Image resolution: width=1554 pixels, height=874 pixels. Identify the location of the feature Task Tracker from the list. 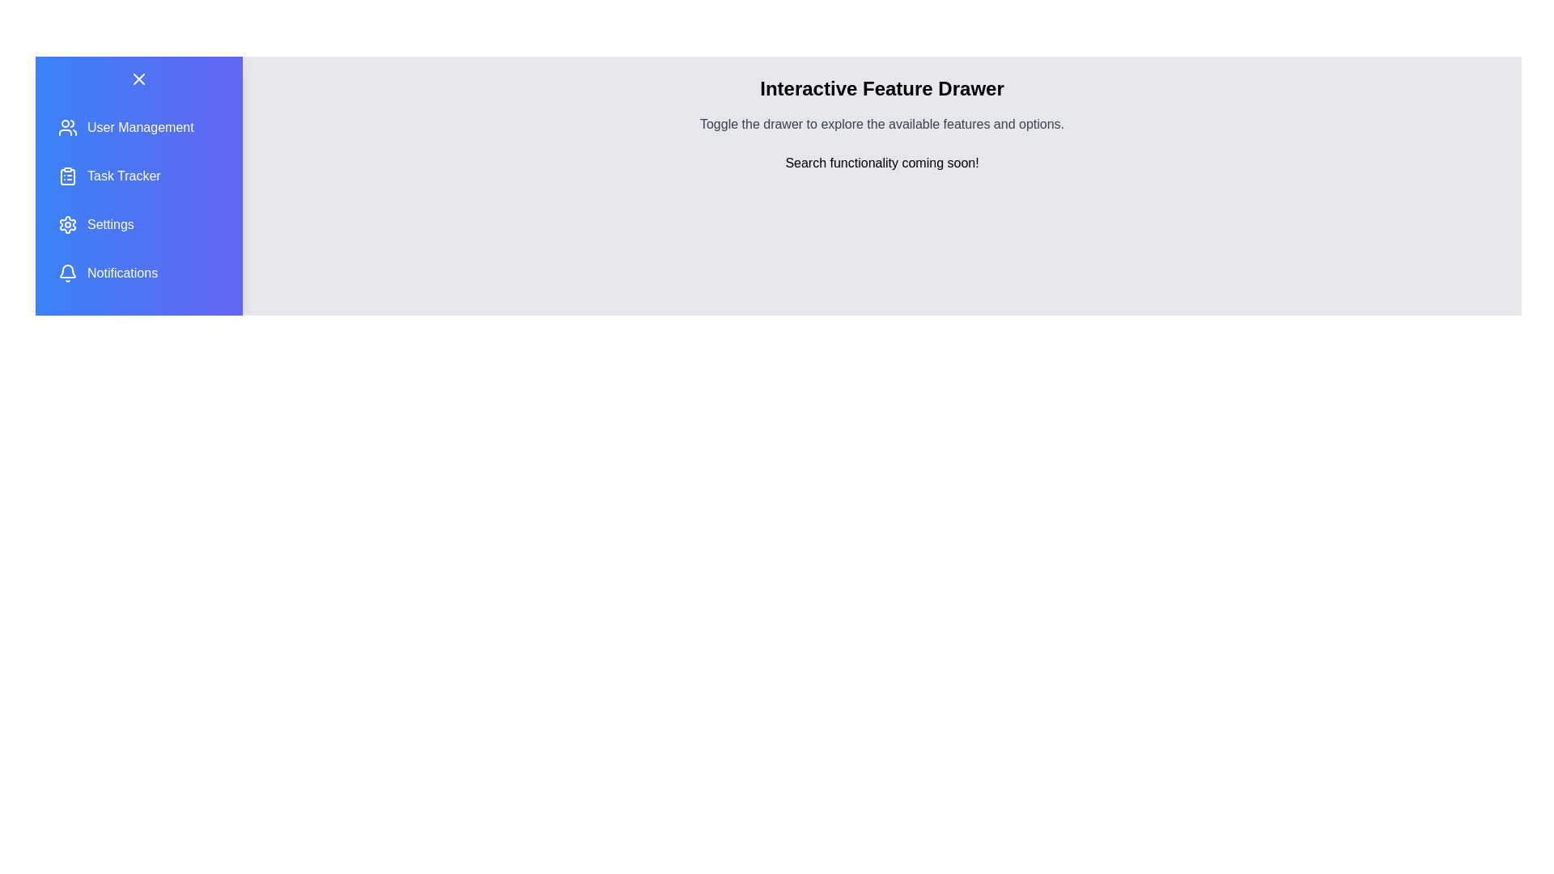
(139, 176).